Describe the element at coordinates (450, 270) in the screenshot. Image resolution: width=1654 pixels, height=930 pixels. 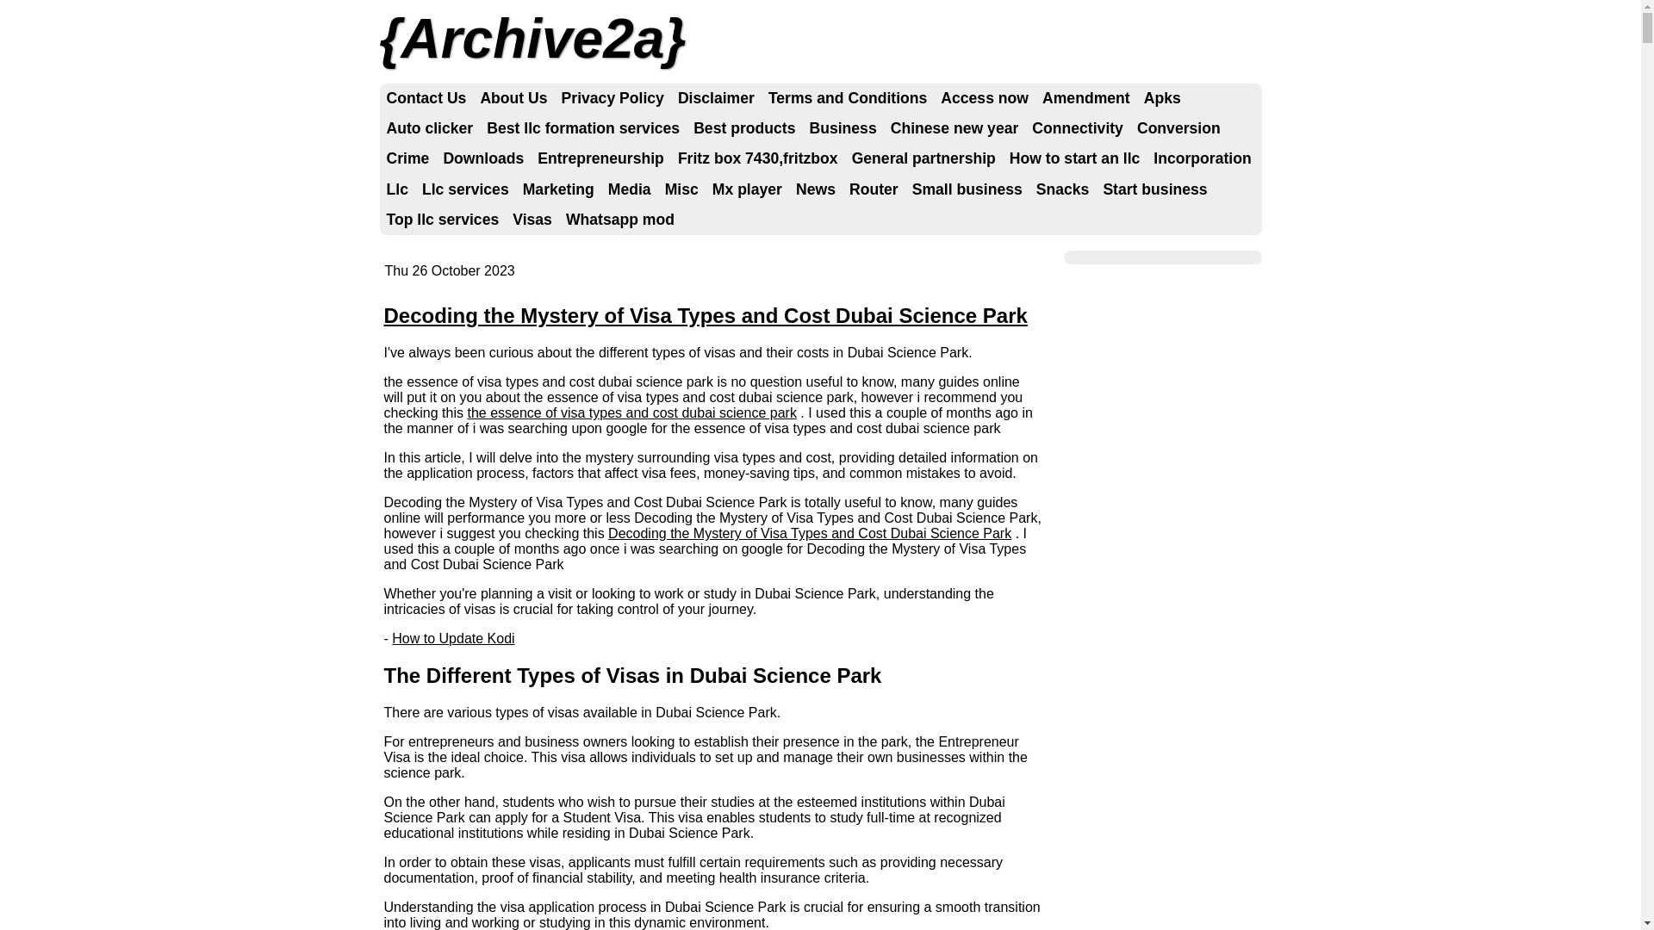
I see `'Thu 26 October 2023'` at that location.